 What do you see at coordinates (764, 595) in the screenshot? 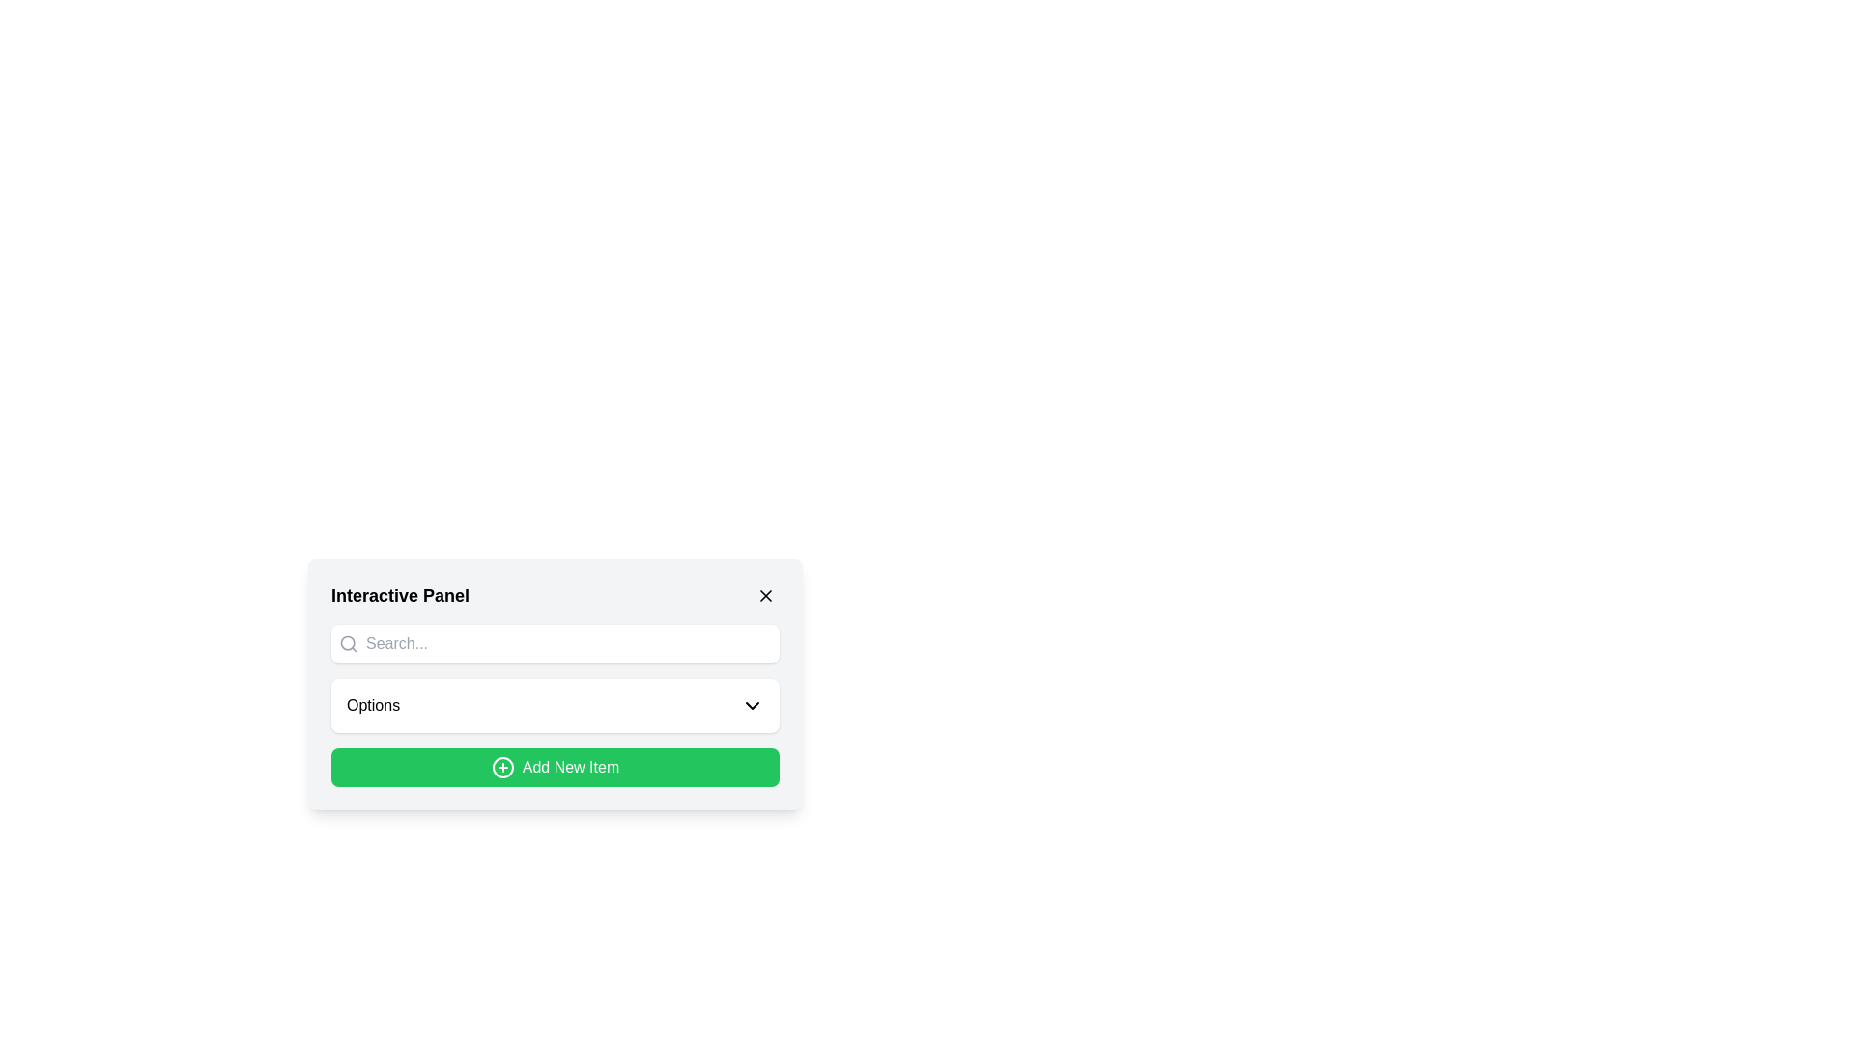
I see `the button located at the top-right corner of the 'Interactive Panel'` at bounding box center [764, 595].